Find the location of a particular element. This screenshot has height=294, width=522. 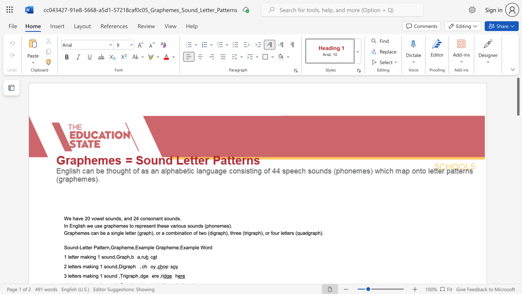

the side scrollbar to bring the page down is located at coordinates (518, 200).